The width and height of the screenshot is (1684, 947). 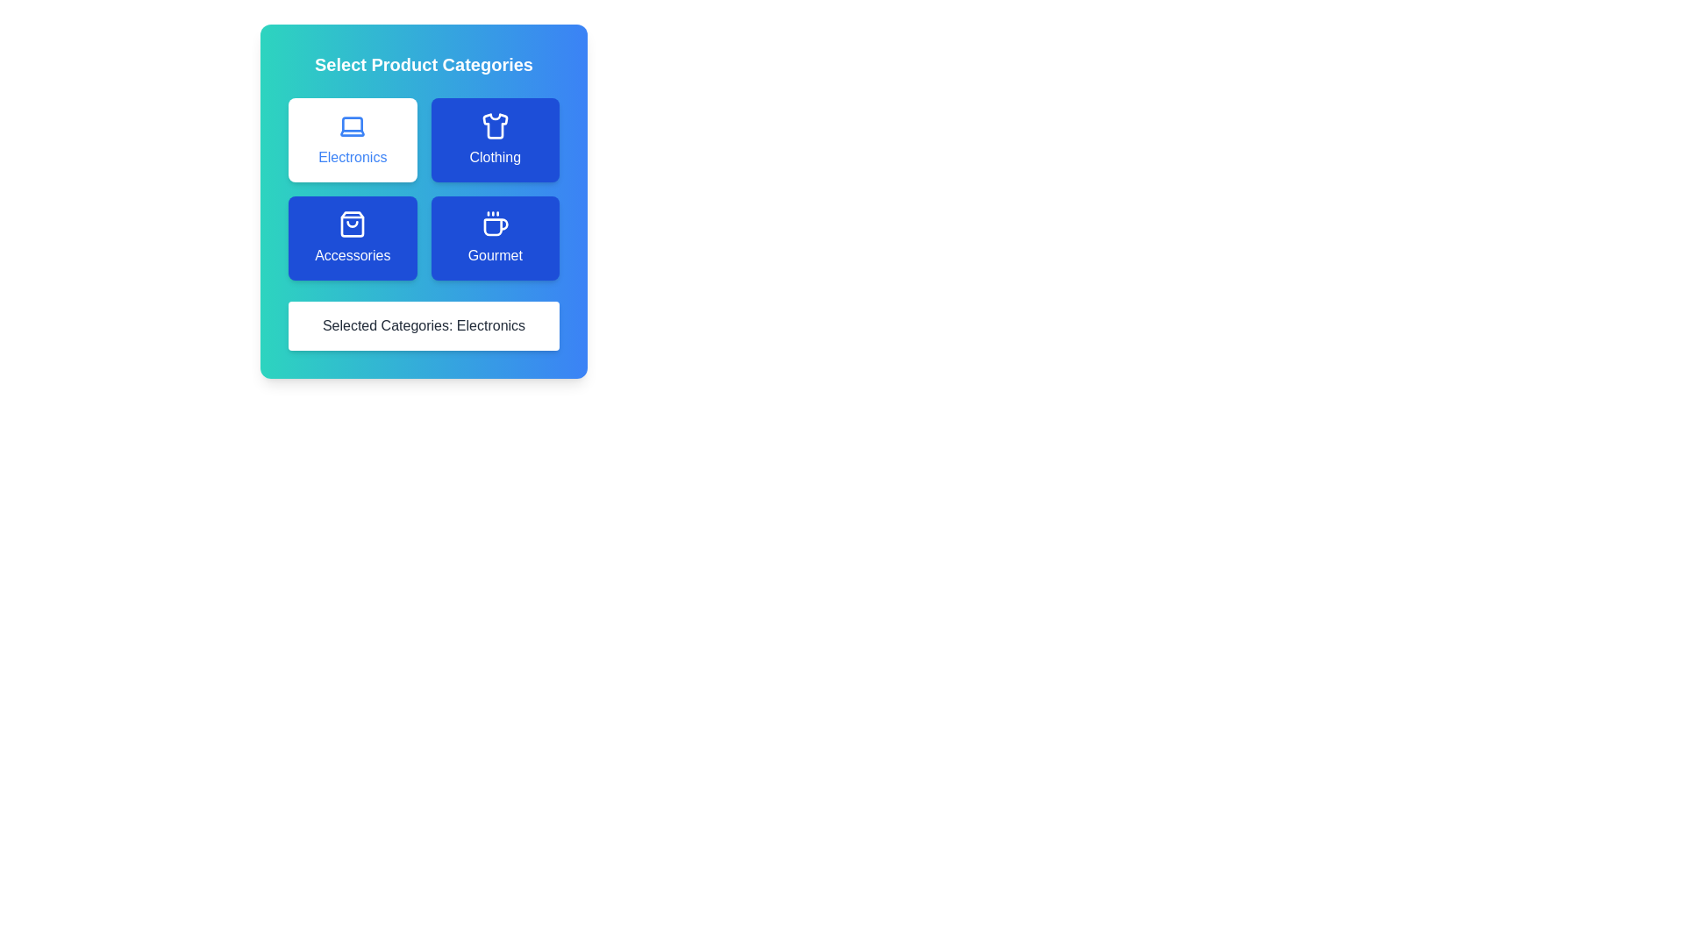 What do you see at coordinates (352, 239) in the screenshot?
I see `the category button Accessories to see its hover effect` at bounding box center [352, 239].